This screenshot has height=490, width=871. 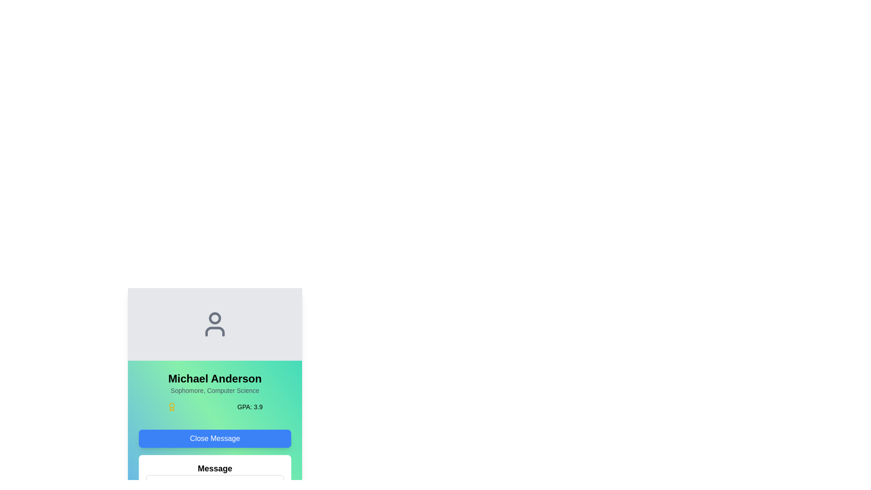 What do you see at coordinates (172, 407) in the screenshot?
I see `the medal-like icon representing an award or achievement, which is styled in yellow and located on a green background, positioned to the left of the text 'GPA: 3.9'` at bounding box center [172, 407].